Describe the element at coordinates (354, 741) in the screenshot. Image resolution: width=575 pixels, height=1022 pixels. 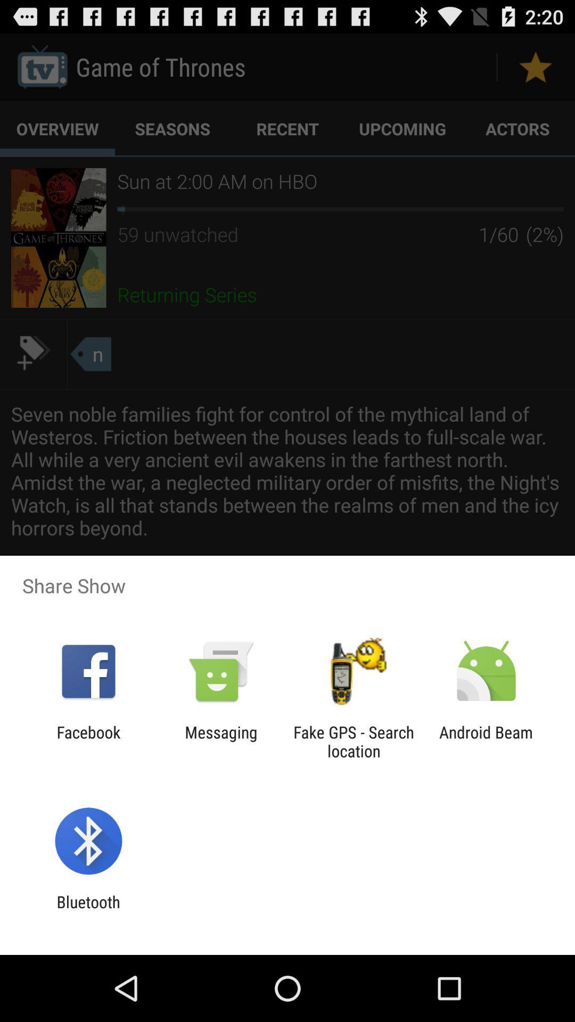
I see `icon next to the messaging` at that location.